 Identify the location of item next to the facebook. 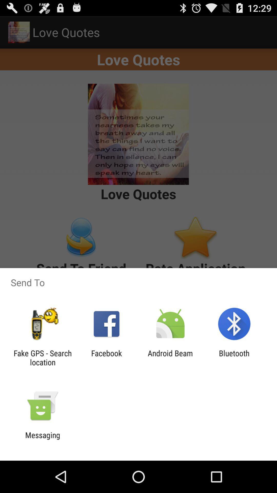
(170, 357).